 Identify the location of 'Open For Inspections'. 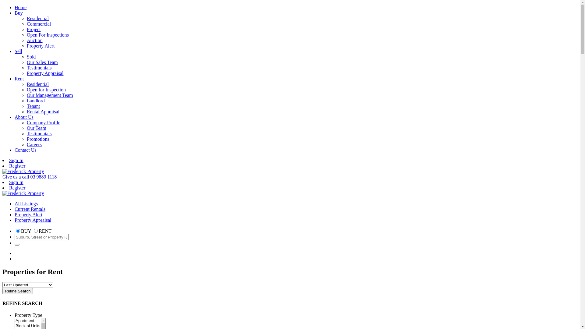
(26, 35).